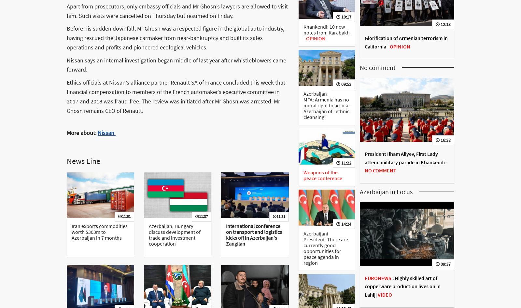 This screenshot has height=308, width=521. What do you see at coordinates (405, 157) in the screenshot?
I see `'President Ilham Aliyev, First Lady attend military parade in Khankendi -'` at bounding box center [405, 157].